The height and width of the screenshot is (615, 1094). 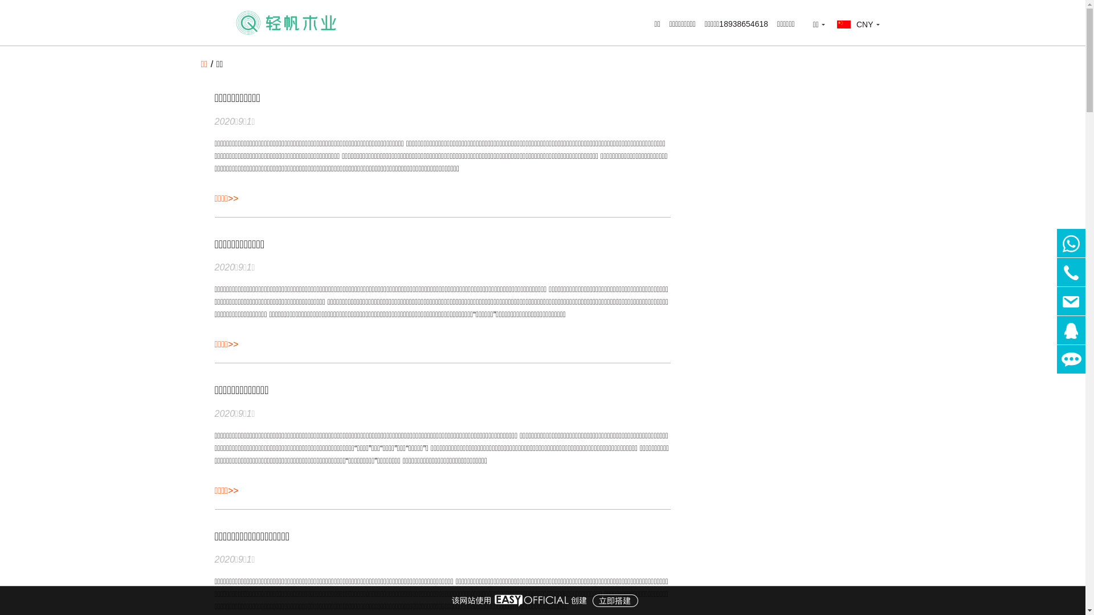 I want to click on 'CNY', so click(x=858, y=24).